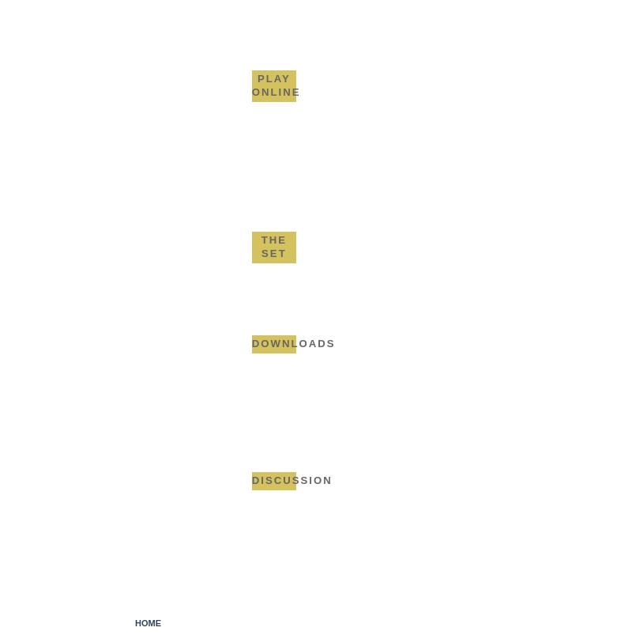  I want to click on 'Gold', so click(292, 10).